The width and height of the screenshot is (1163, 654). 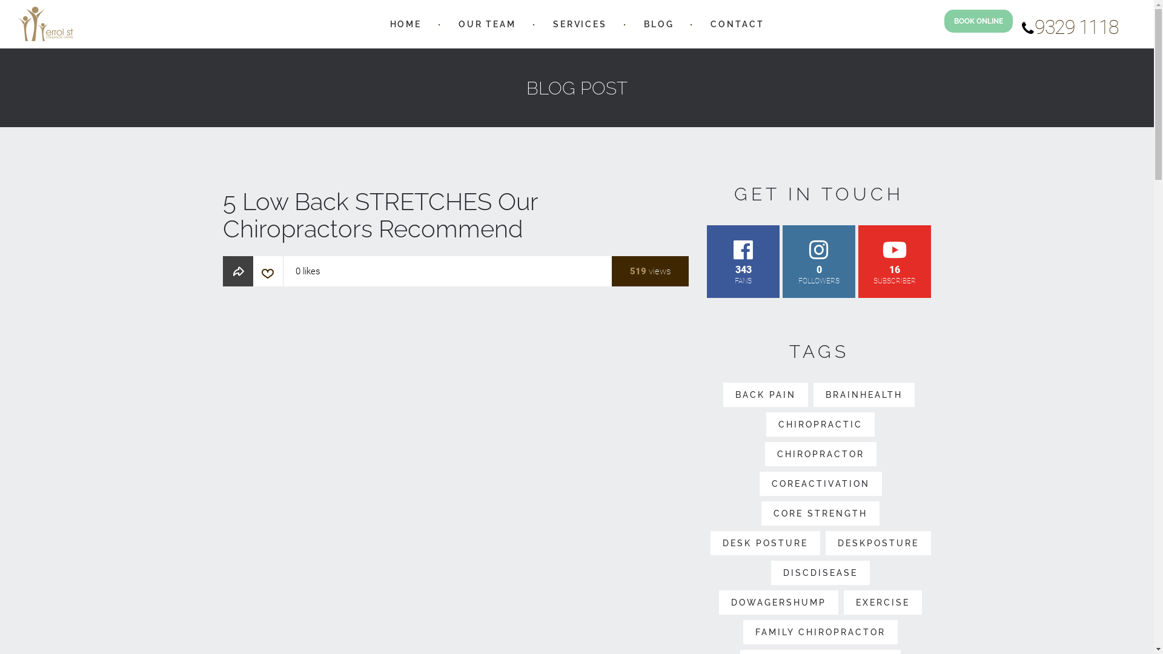 What do you see at coordinates (878, 543) in the screenshot?
I see `'DESKPOSTURE'` at bounding box center [878, 543].